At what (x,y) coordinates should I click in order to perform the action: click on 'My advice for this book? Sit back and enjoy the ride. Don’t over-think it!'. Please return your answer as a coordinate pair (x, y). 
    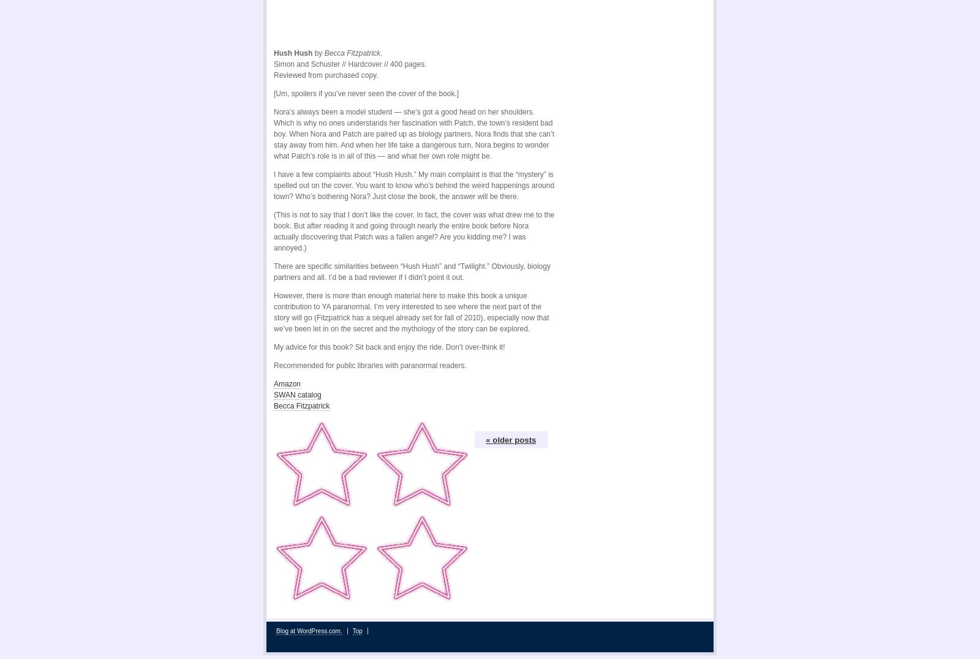
    Looking at the image, I should click on (273, 343).